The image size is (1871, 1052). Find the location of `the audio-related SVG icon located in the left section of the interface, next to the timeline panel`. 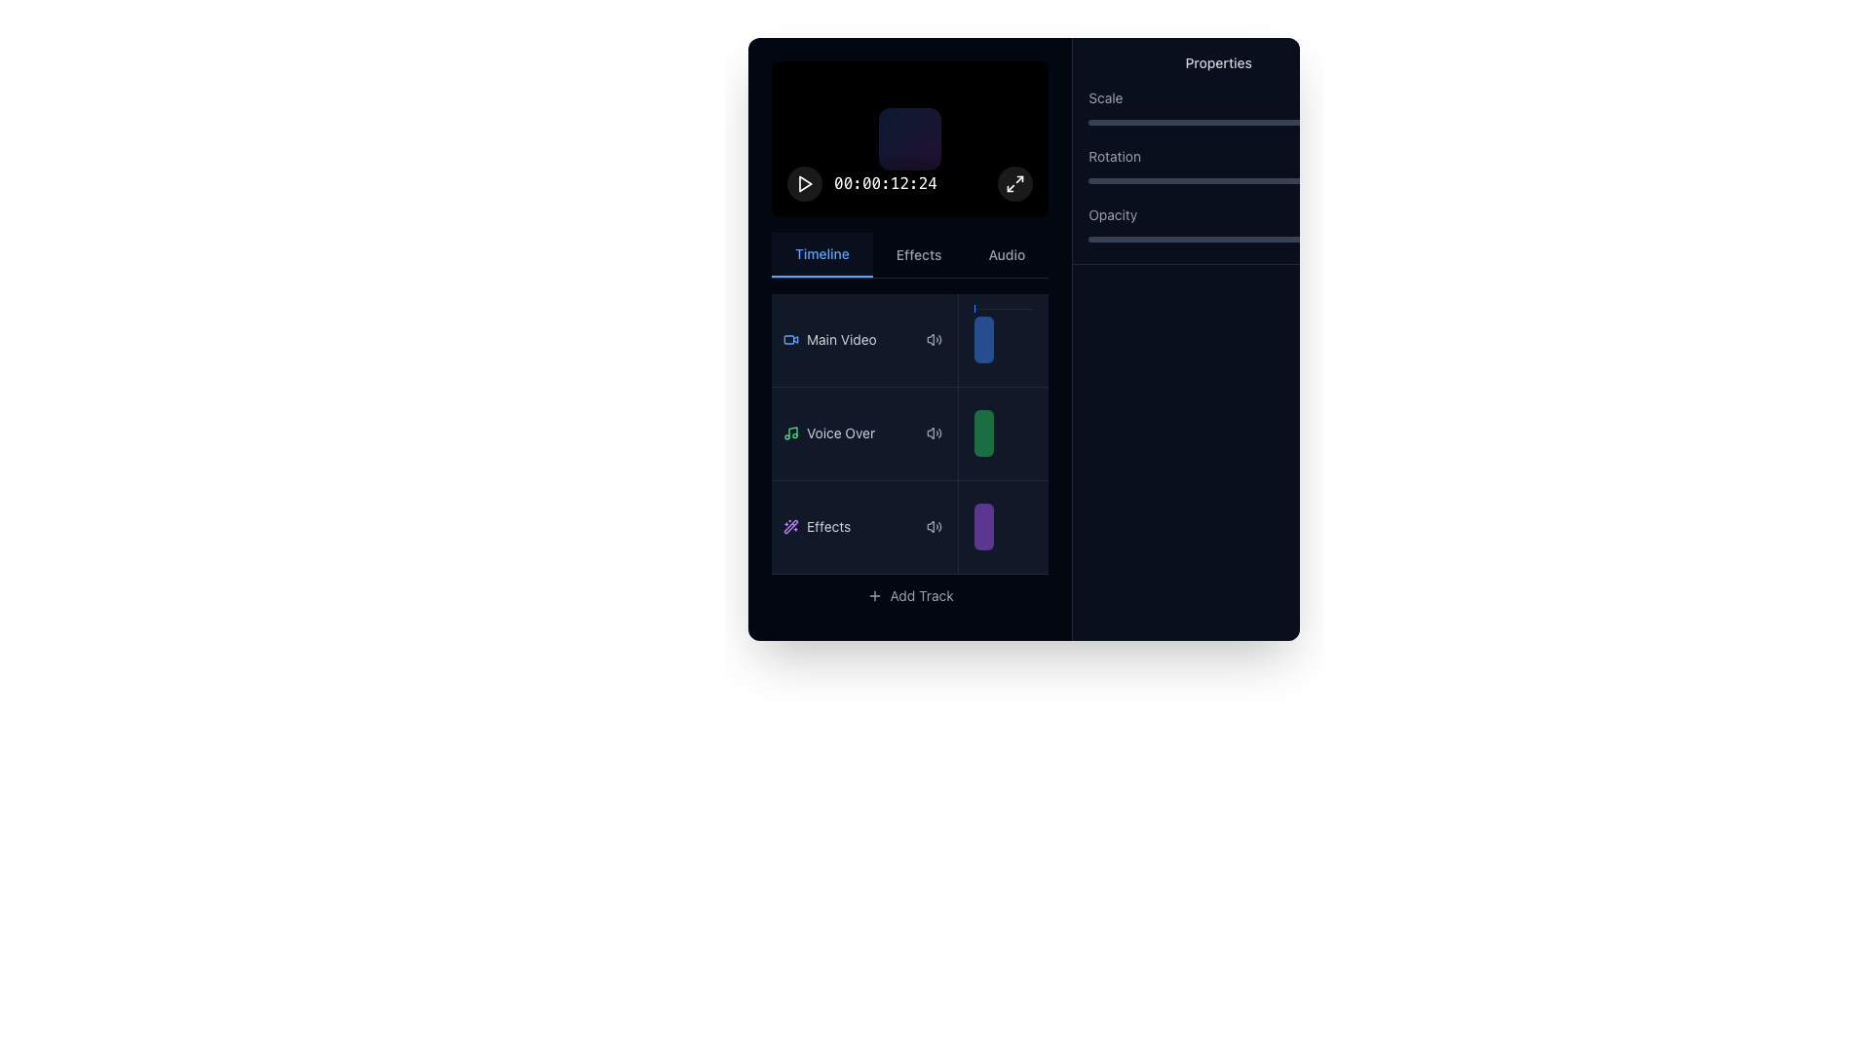

the audio-related SVG icon located in the left section of the interface, next to the timeline panel is located at coordinates (930, 432).